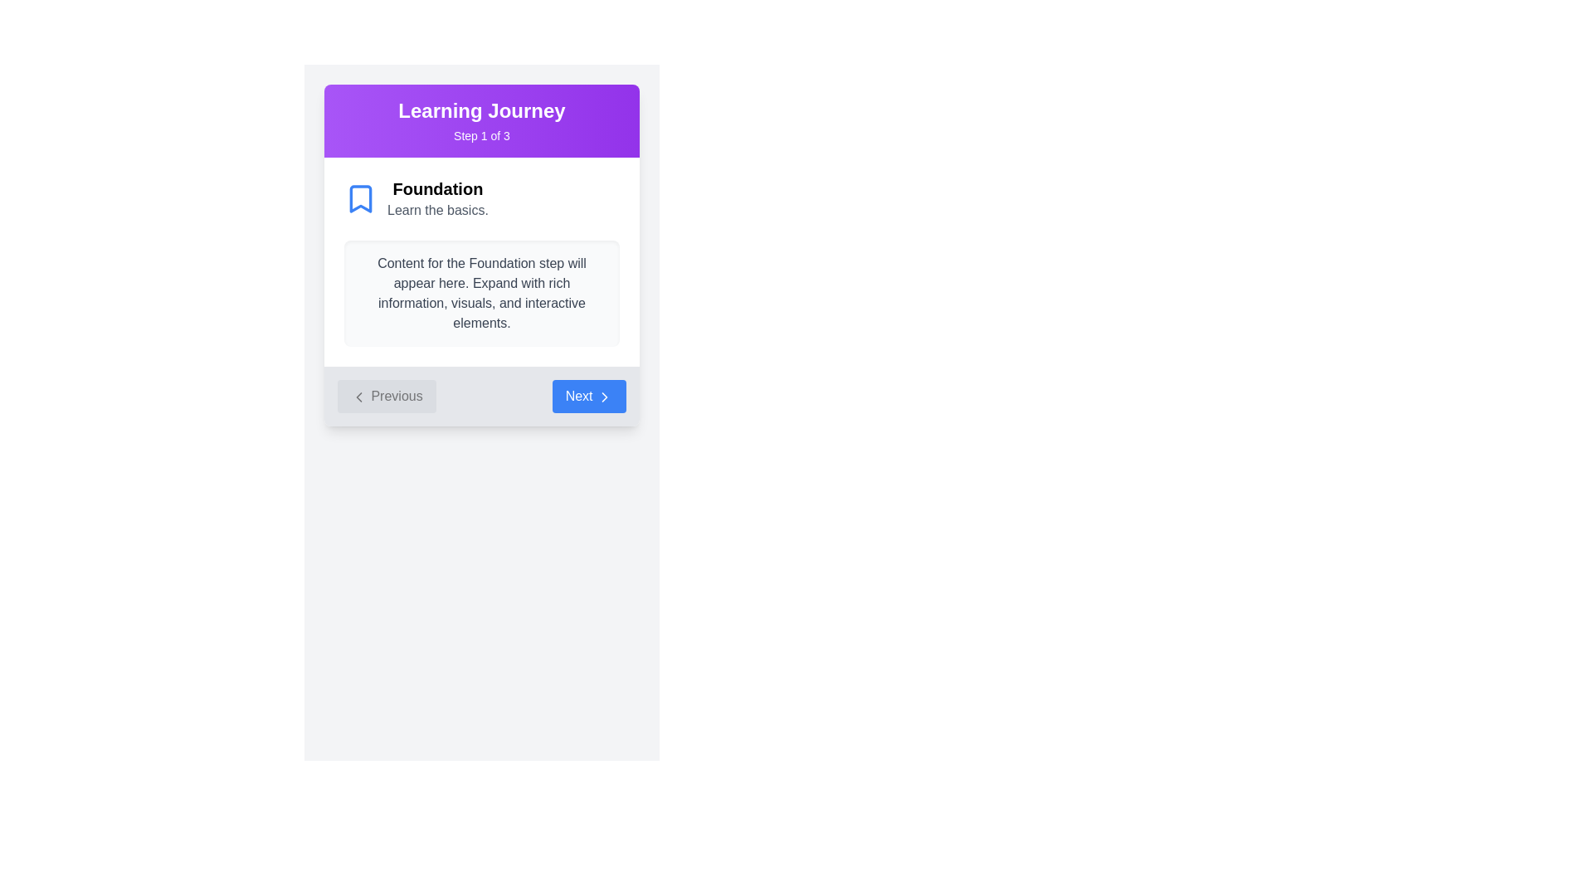  What do you see at coordinates (358, 397) in the screenshot?
I see `the arrow icon in the 'Previous' button, located at the bottom-left of the interactive card, which indicates navigation to the previous step or page` at bounding box center [358, 397].